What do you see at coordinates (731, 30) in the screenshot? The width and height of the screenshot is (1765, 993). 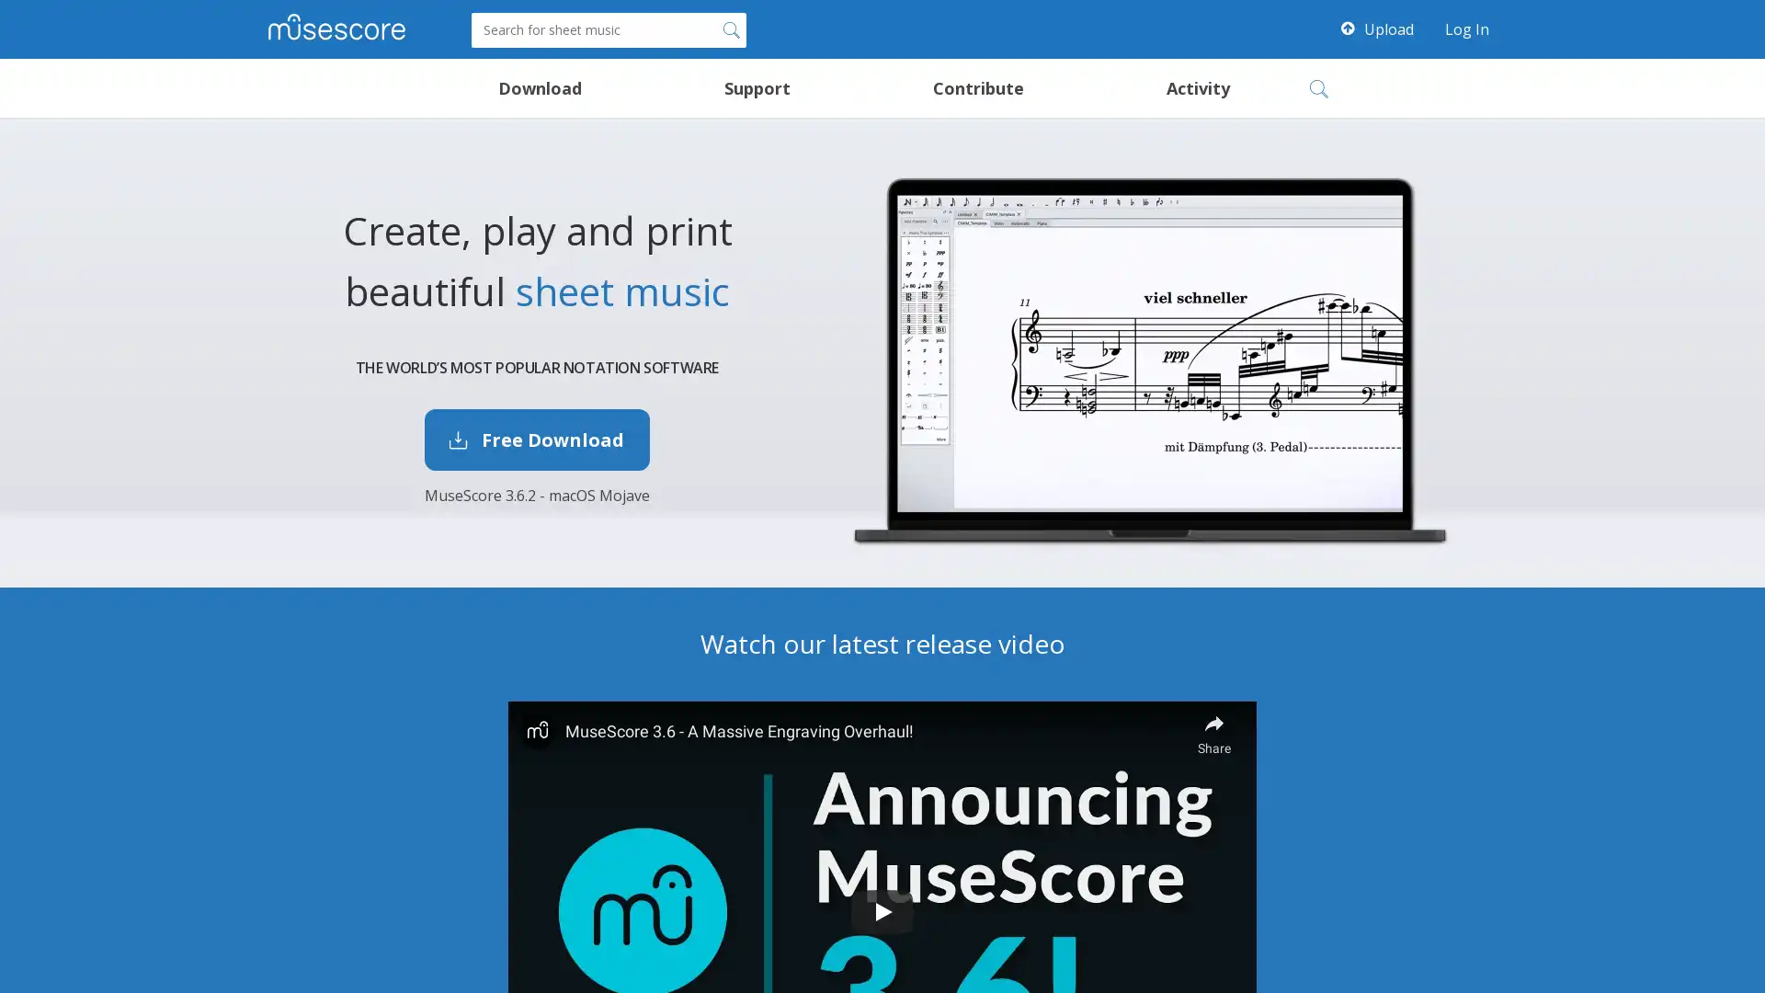 I see `Search` at bounding box center [731, 30].